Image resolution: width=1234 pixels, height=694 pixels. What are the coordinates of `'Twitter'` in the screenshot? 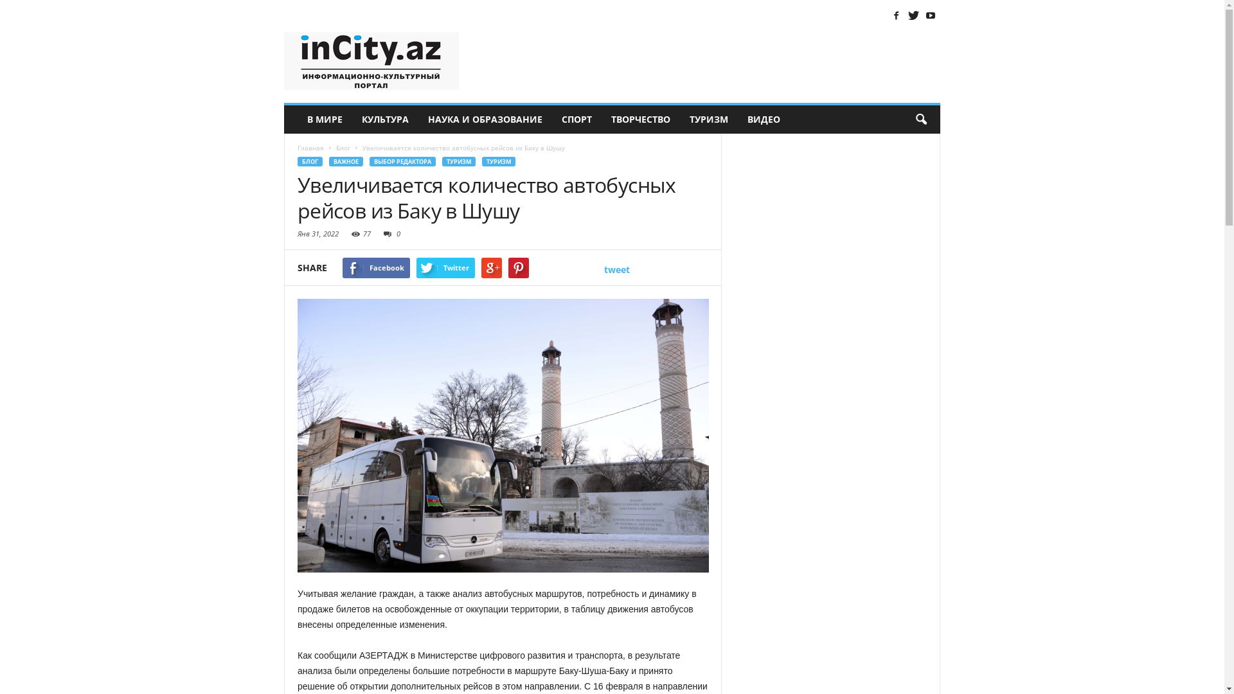 It's located at (445, 267).